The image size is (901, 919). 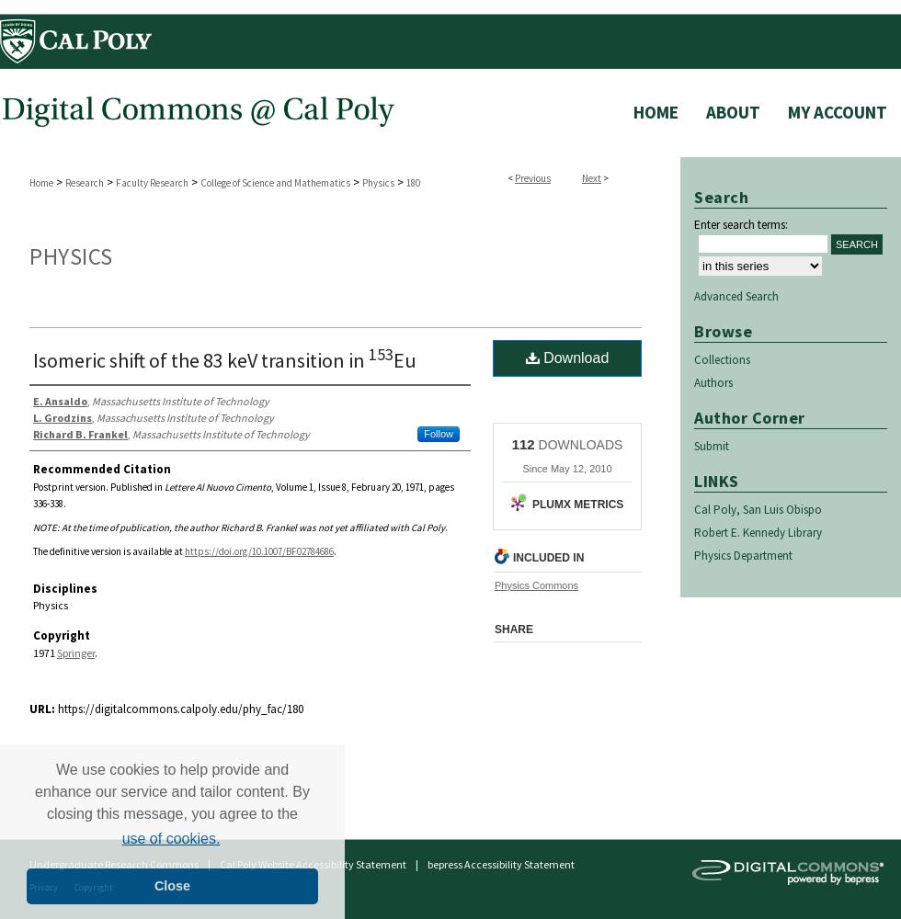 What do you see at coordinates (423, 432) in the screenshot?
I see `'Follow'` at bounding box center [423, 432].